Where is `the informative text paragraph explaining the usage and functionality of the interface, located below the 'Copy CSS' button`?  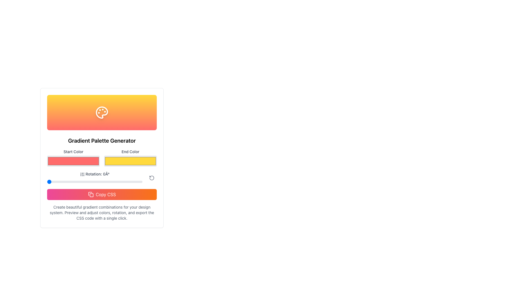
the informative text paragraph explaining the usage and functionality of the interface, located below the 'Copy CSS' button is located at coordinates (102, 212).